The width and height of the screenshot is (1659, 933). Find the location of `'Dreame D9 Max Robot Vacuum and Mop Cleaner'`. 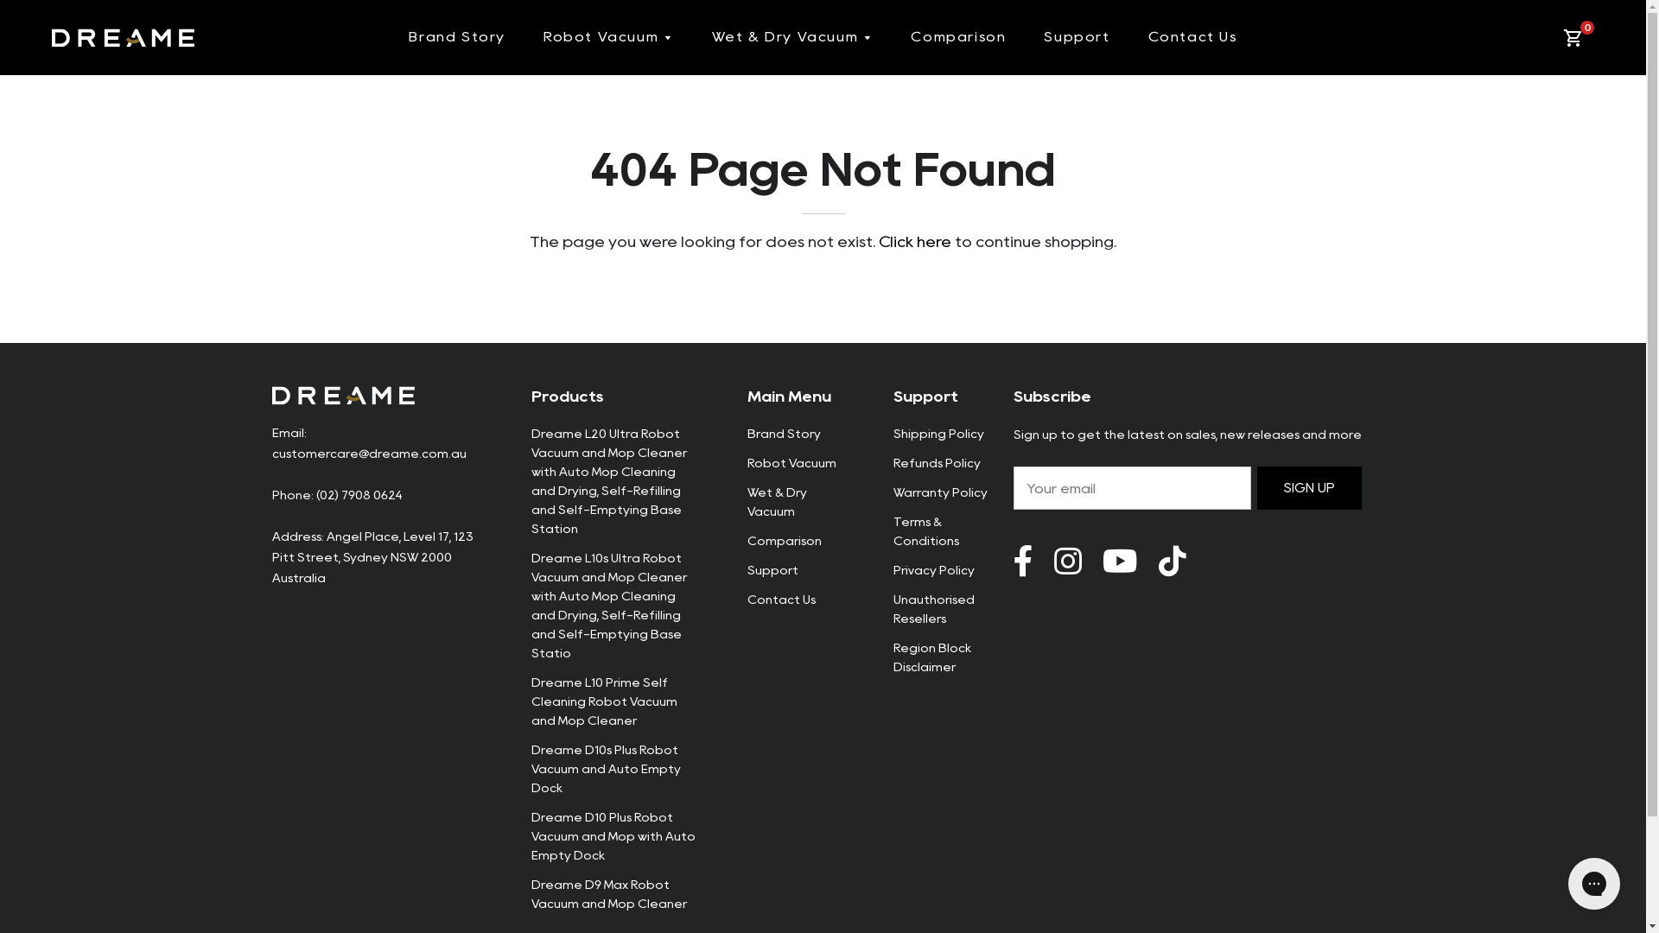

'Dreame D9 Max Robot Vacuum and Mop Cleaner' is located at coordinates (608, 893).